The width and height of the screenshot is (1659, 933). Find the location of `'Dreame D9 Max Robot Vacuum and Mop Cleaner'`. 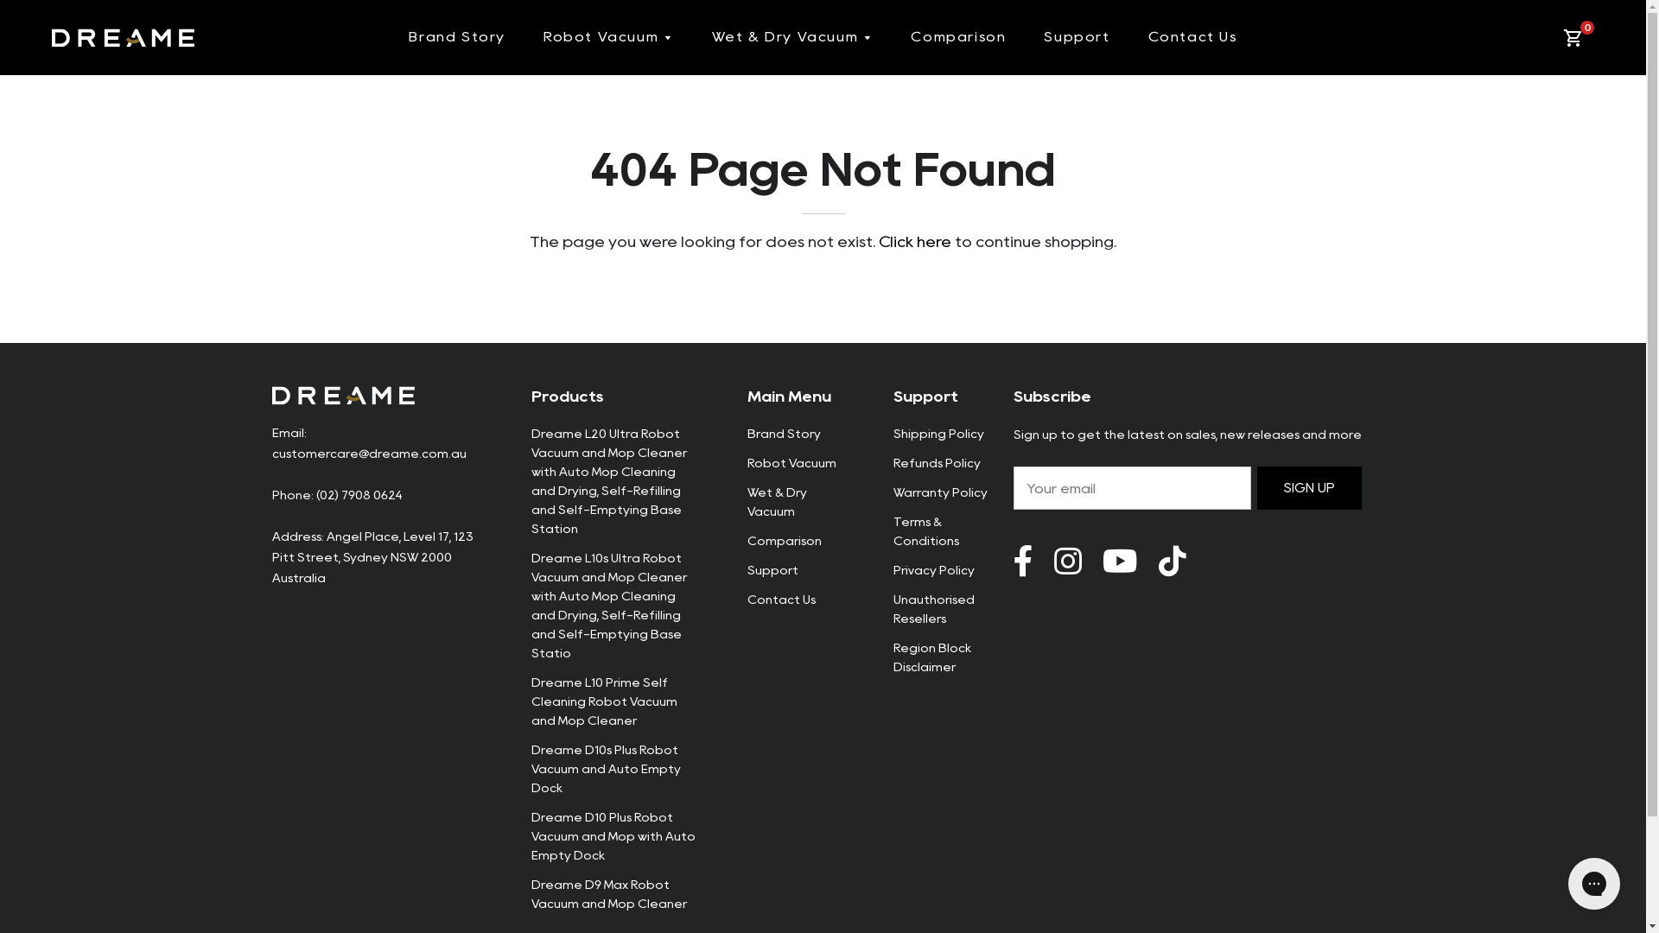

'Dreame D9 Max Robot Vacuum and Mop Cleaner' is located at coordinates (608, 893).